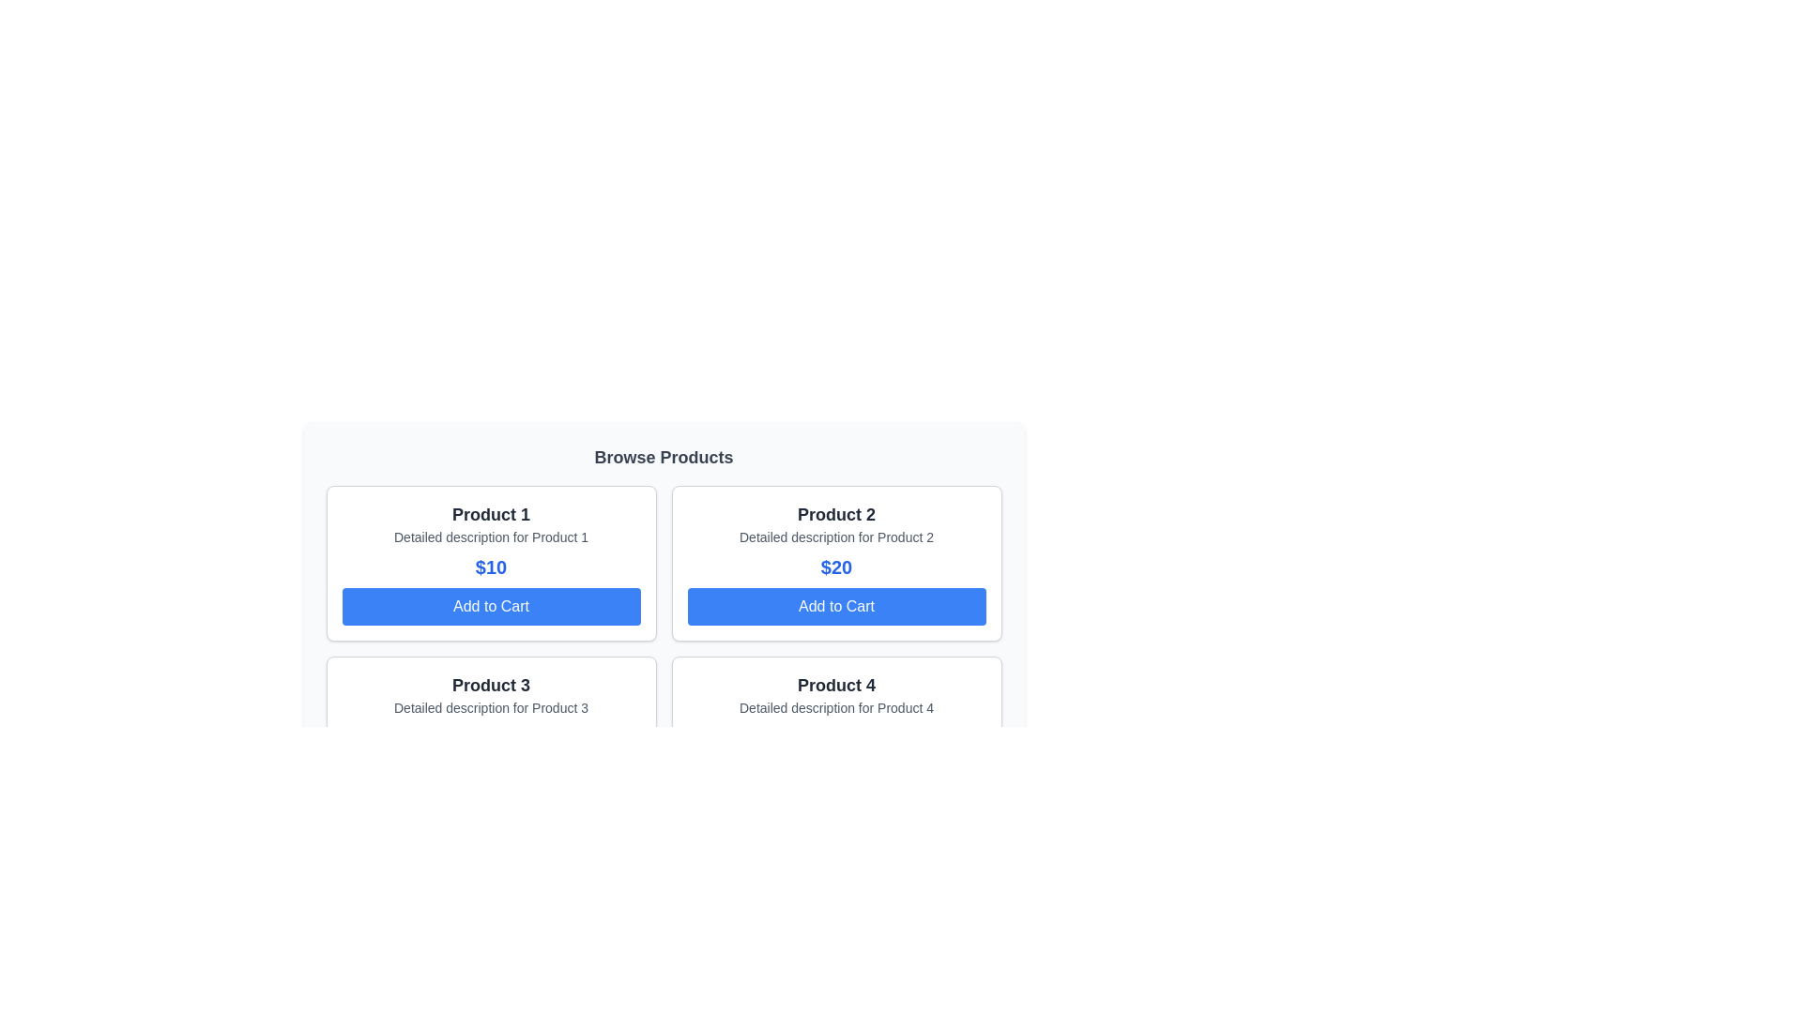 This screenshot has width=1802, height=1013. What do you see at coordinates (491, 686) in the screenshot?
I see `text label that displays 'Product 3', which is bold and larger than adjacent texts, located at the top of the card in the lower left quadrant of the grid layout` at bounding box center [491, 686].